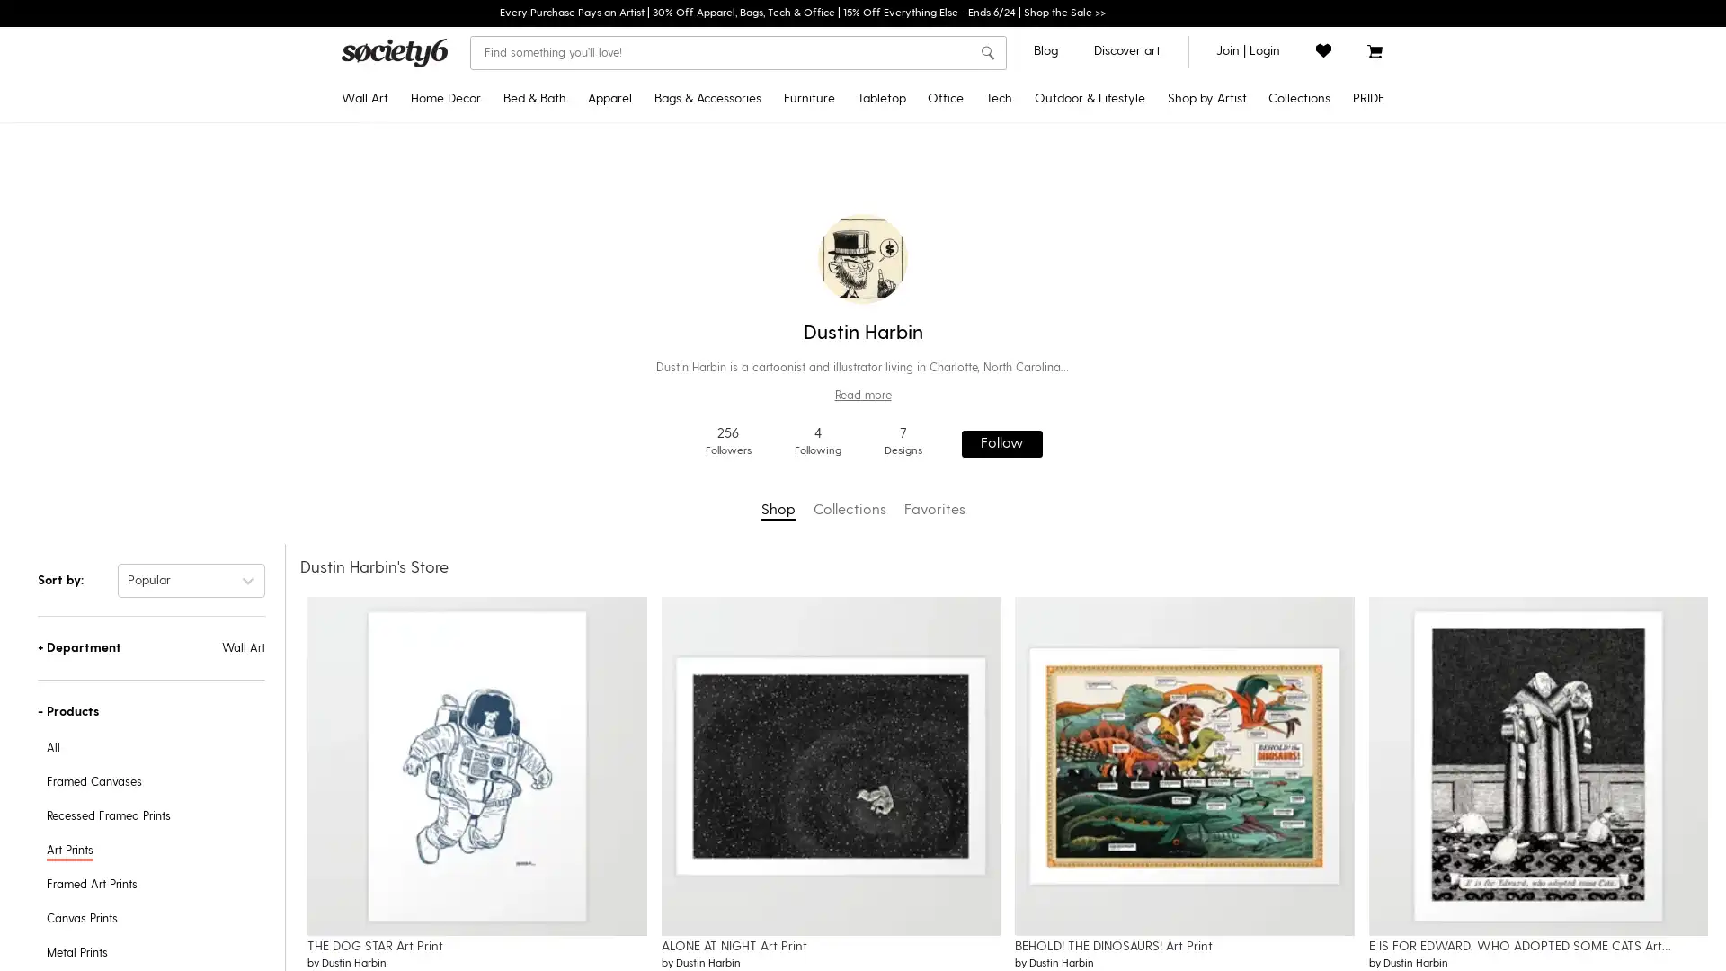  What do you see at coordinates (1158, 433) in the screenshot?
I see `Curator's Picks` at bounding box center [1158, 433].